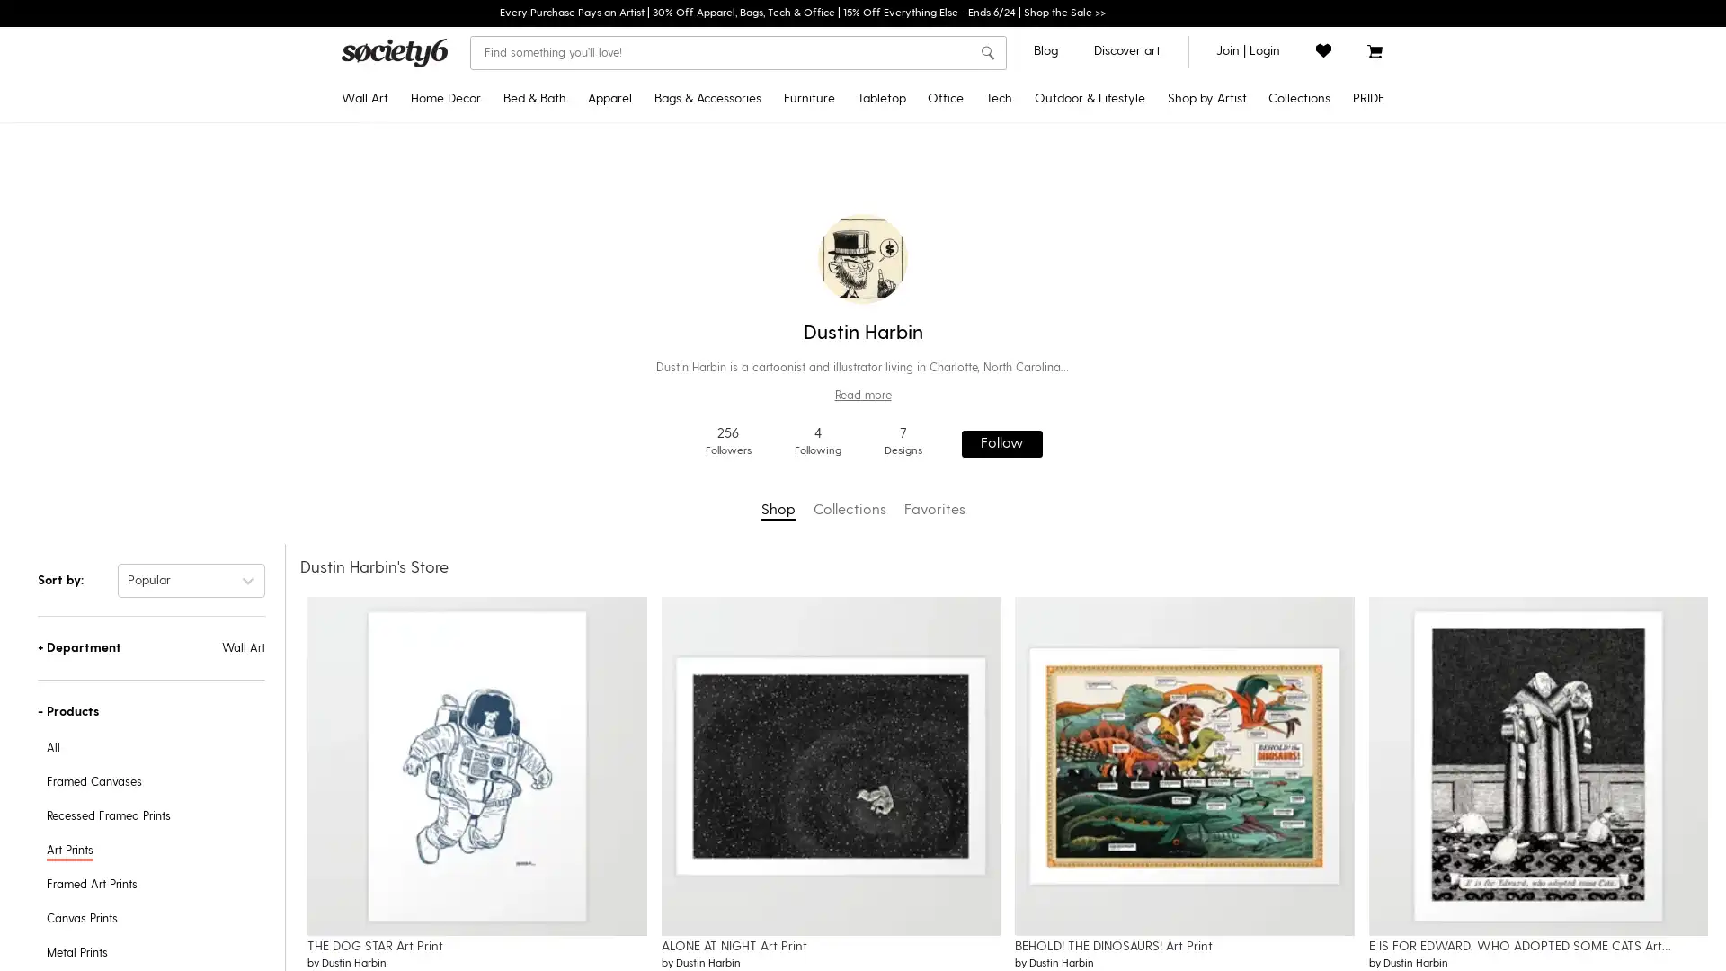  What do you see at coordinates (1158, 433) in the screenshot?
I see `Curator's Picks` at bounding box center [1158, 433].